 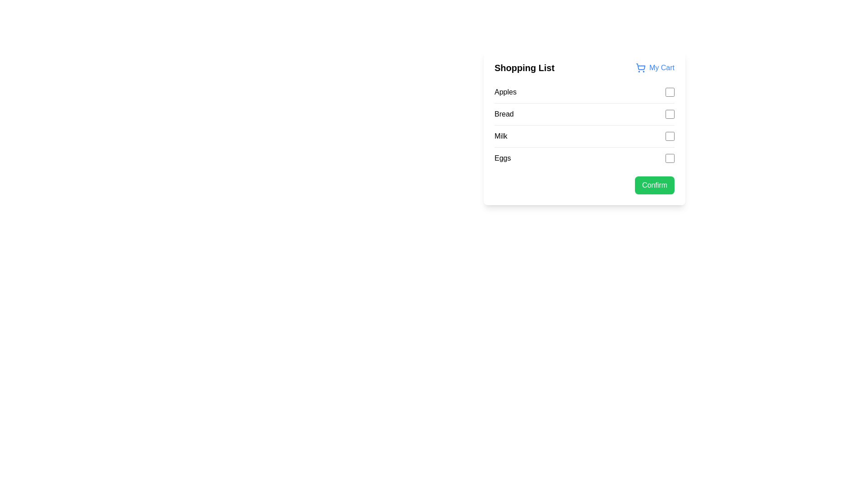 I want to click on the shopping cart icon located in the header of the shopping list card, next to the 'My Cart' label, so click(x=640, y=66).